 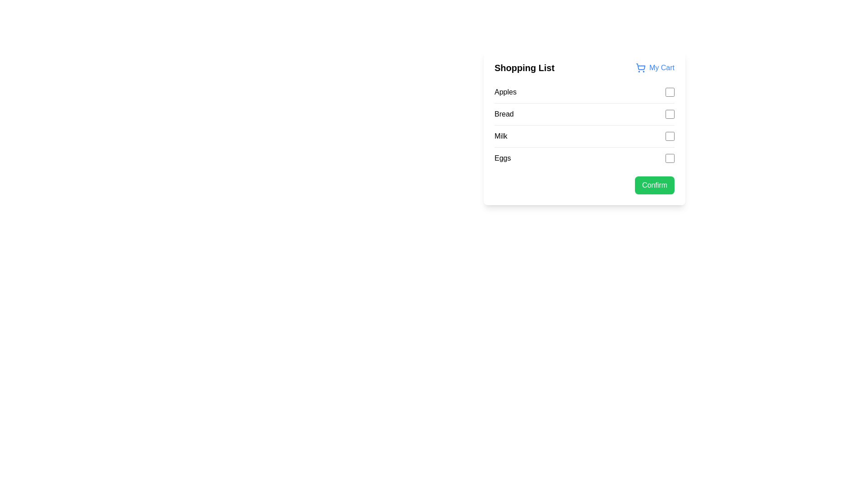 I want to click on the shopping cart icon located in the header of the shopping list card, next to the 'My Cart' label, so click(x=640, y=66).